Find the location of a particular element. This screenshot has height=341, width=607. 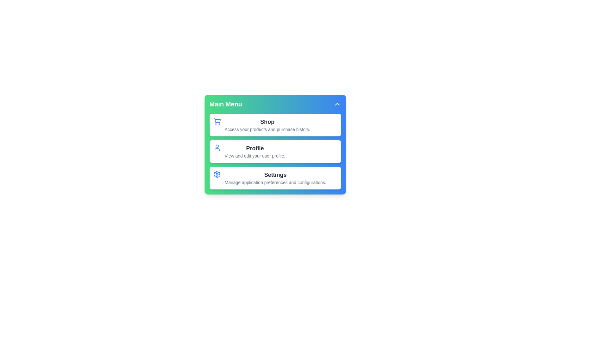

the icon of the menu item Profile is located at coordinates (217, 147).